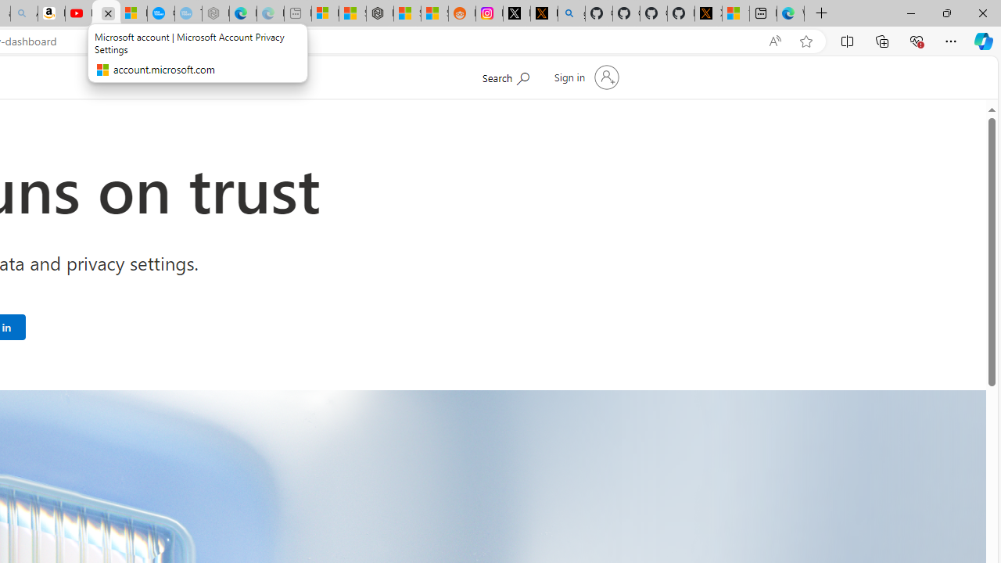 The height and width of the screenshot is (563, 1001). What do you see at coordinates (78, 13) in the screenshot?
I see `'Day 1: Arriving in Yemen (surreal to be here) - YouTube'` at bounding box center [78, 13].